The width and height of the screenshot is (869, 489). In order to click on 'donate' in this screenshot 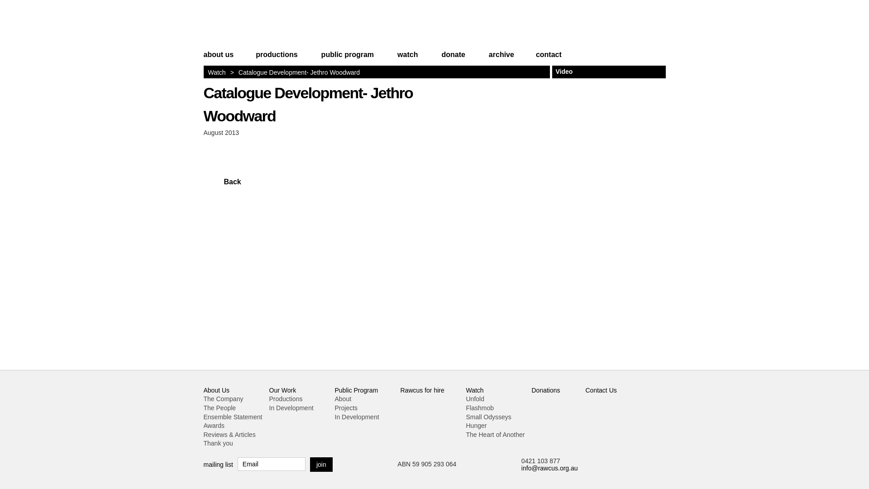, I will do `click(453, 58)`.